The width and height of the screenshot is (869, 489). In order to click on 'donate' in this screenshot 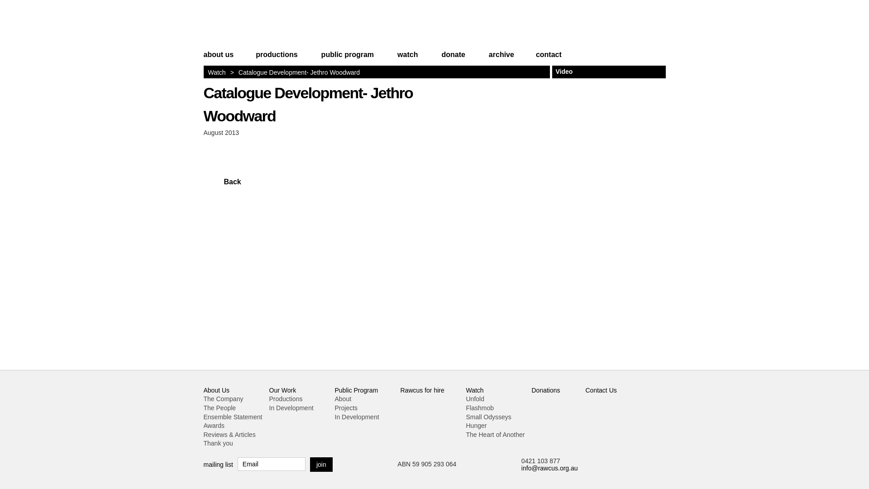, I will do `click(453, 58)`.